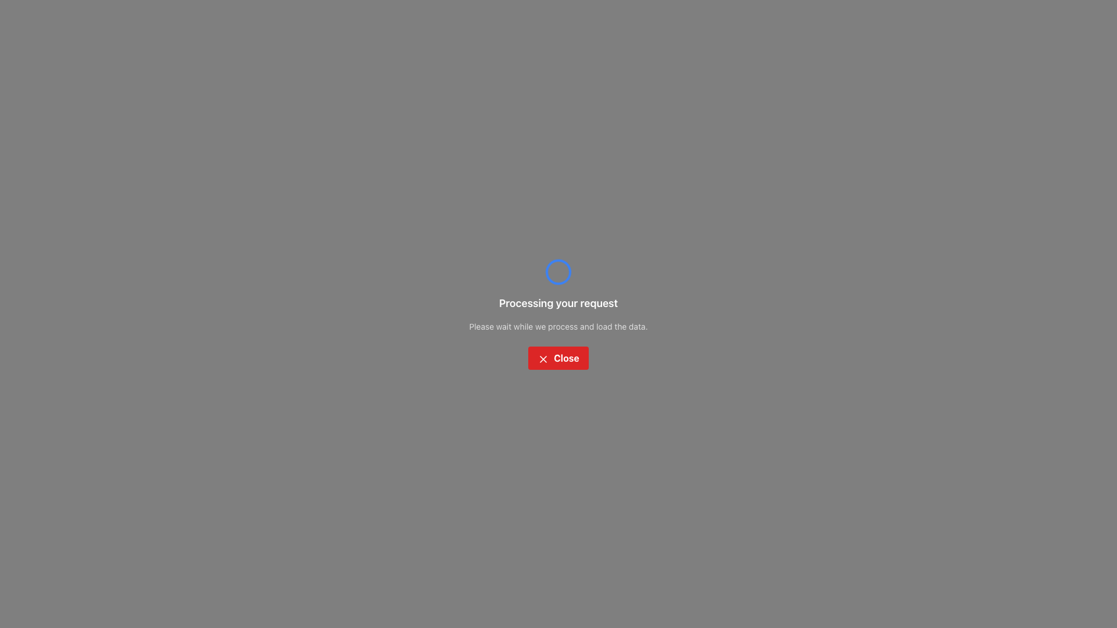  I want to click on the 'X' icon within the 'Close' button, so click(543, 358).